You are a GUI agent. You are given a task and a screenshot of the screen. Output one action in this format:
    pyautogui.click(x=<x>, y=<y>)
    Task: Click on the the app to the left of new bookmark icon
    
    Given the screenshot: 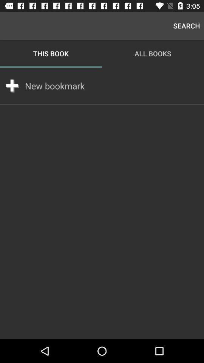 What is the action you would take?
    pyautogui.click(x=12, y=86)
    